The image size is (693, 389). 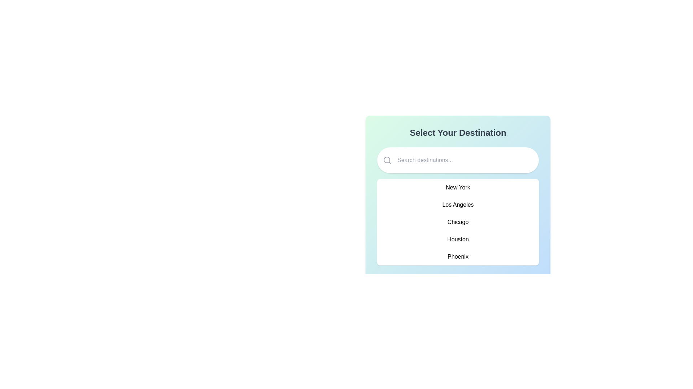 I want to click on the third item in the list of destinations, which represents the 'Chicago' option, so click(x=457, y=222).